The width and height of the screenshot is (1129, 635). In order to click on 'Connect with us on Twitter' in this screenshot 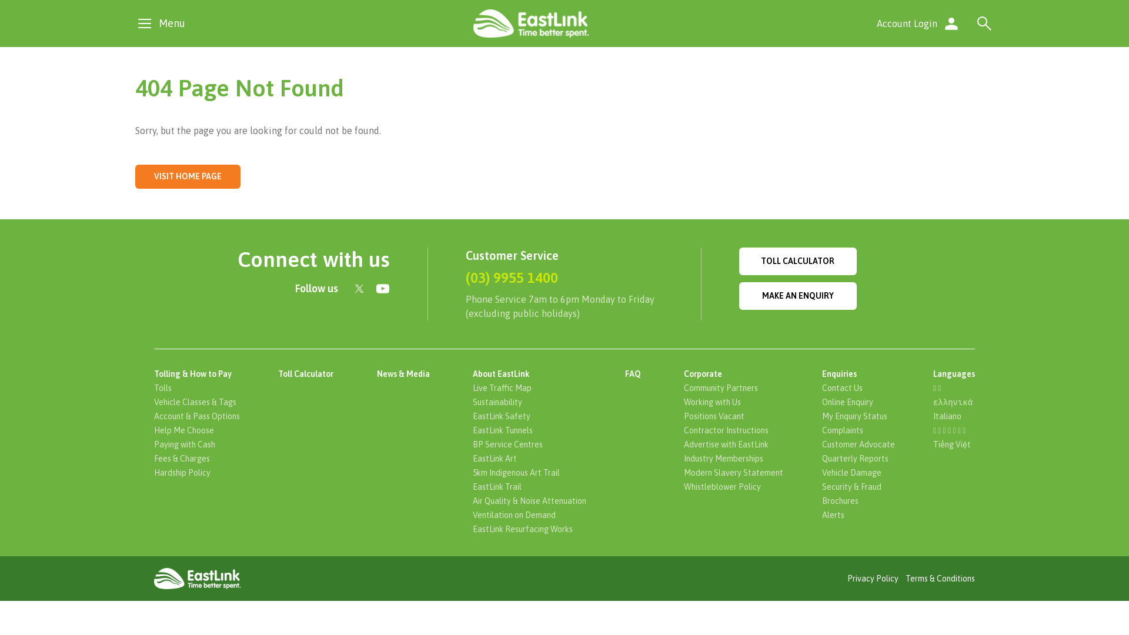, I will do `click(358, 288)`.